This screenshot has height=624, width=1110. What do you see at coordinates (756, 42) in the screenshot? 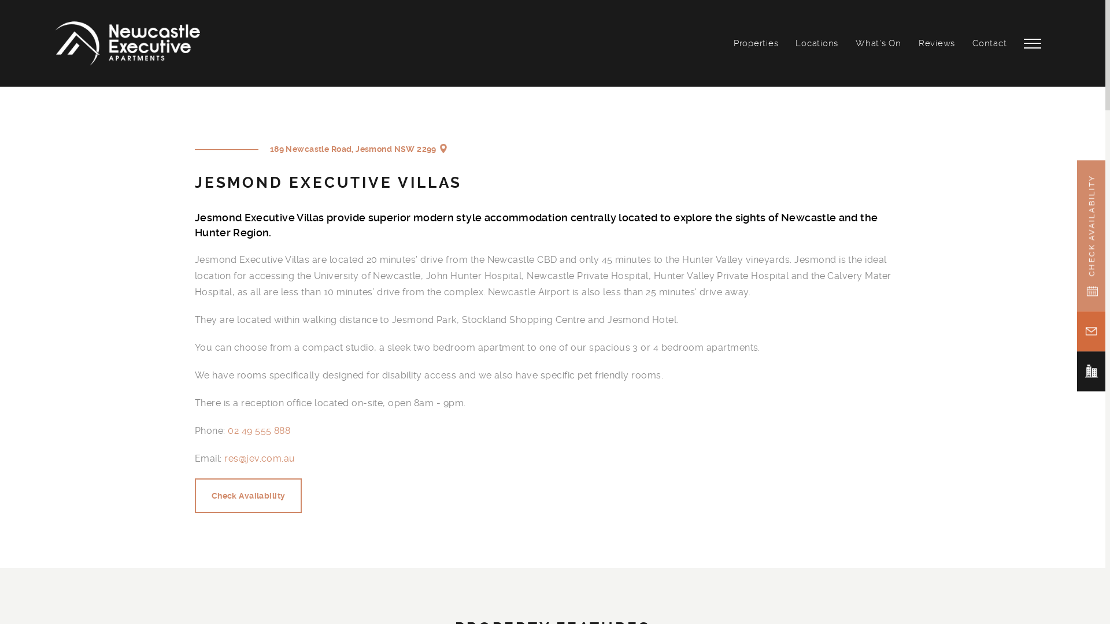
I see `'Properties'` at bounding box center [756, 42].